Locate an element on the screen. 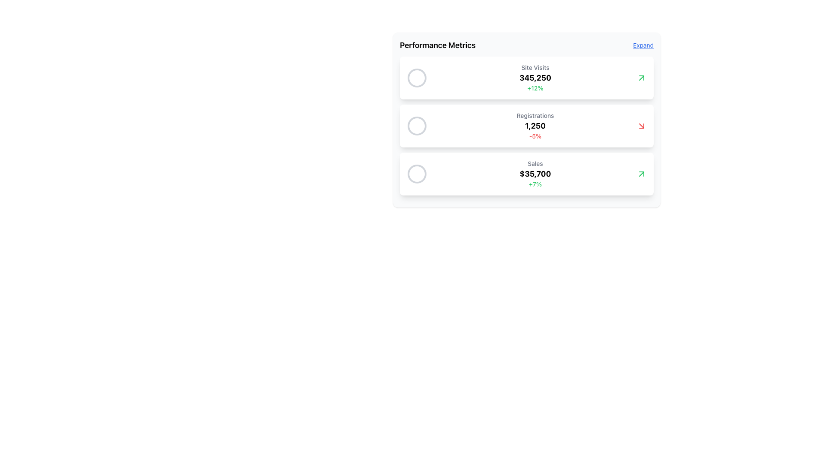  the third circular graphical indicator representing the 'Sales' metric in the 'Performance Metrics' dashboard is located at coordinates (417, 174).